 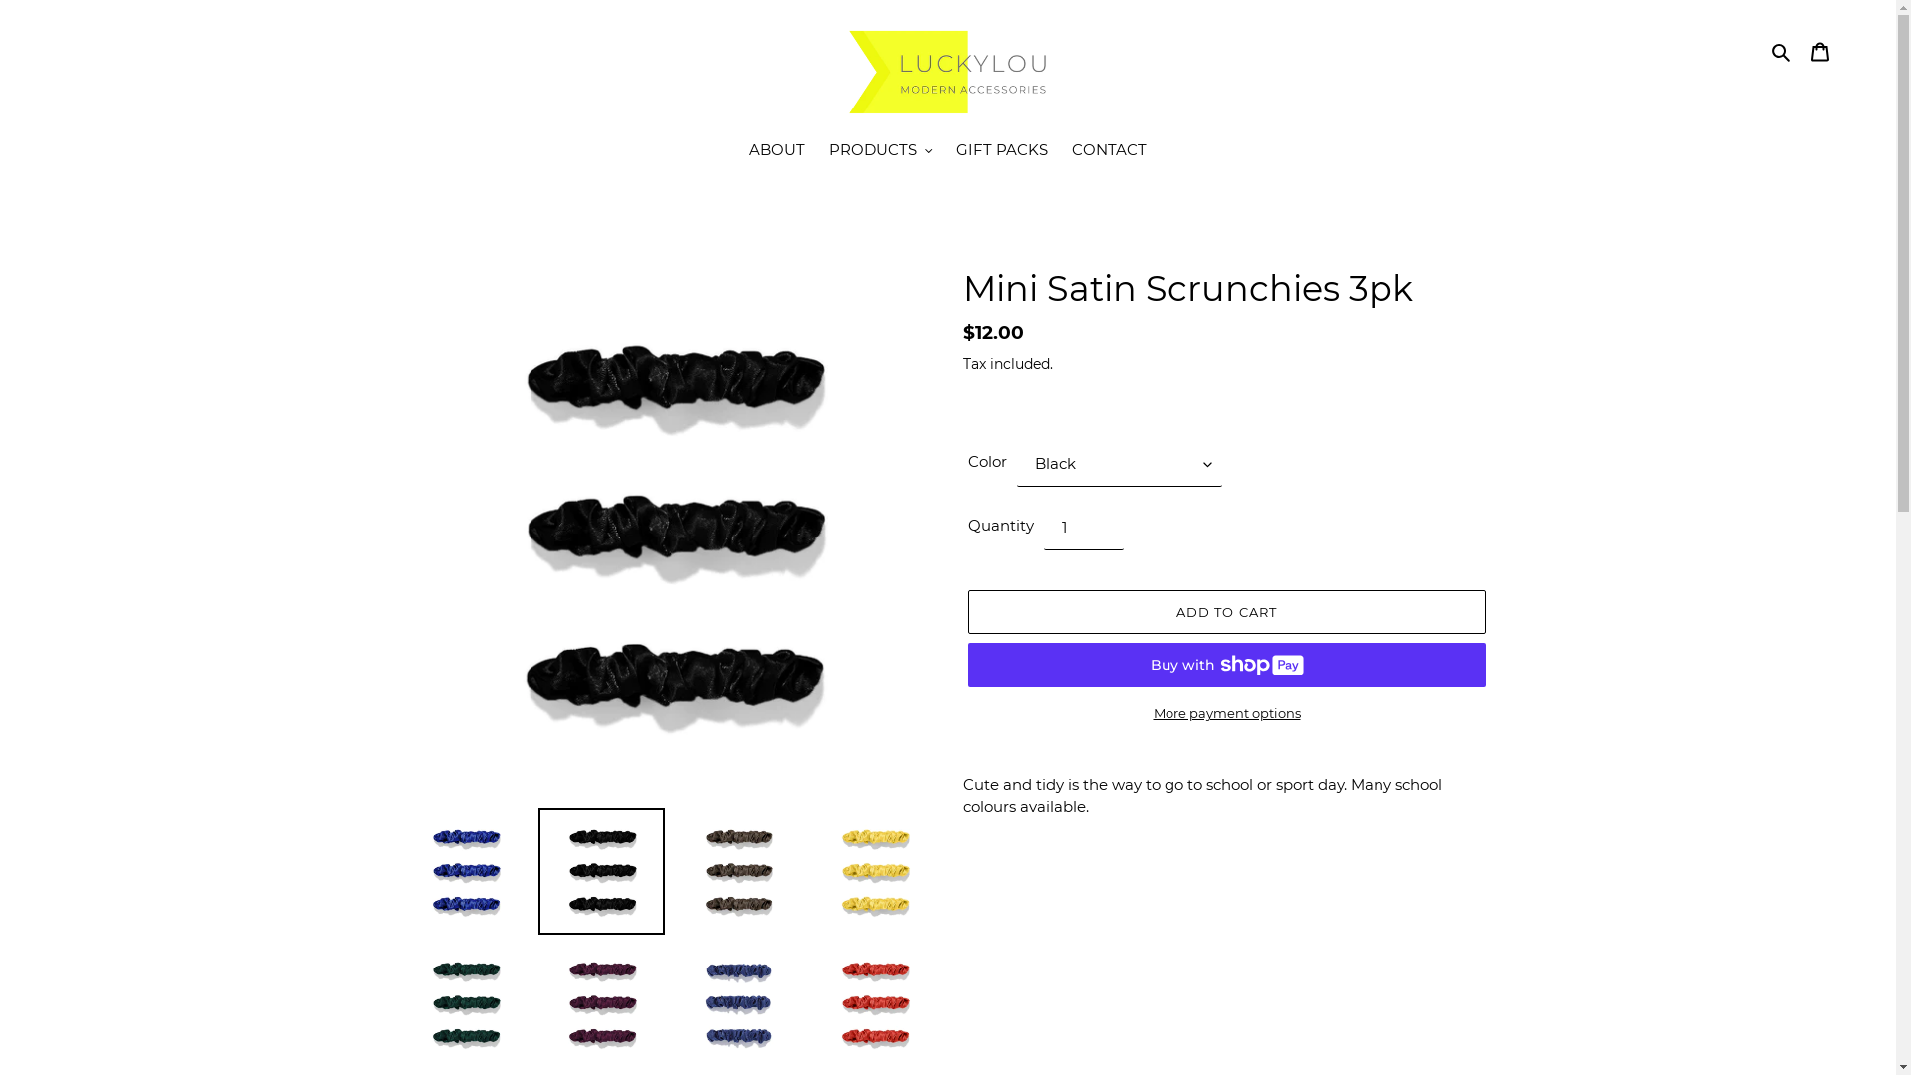 What do you see at coordinates (1782, 50) in the screenshot?
I see `'Search'` at bounding box center [1782, 50].